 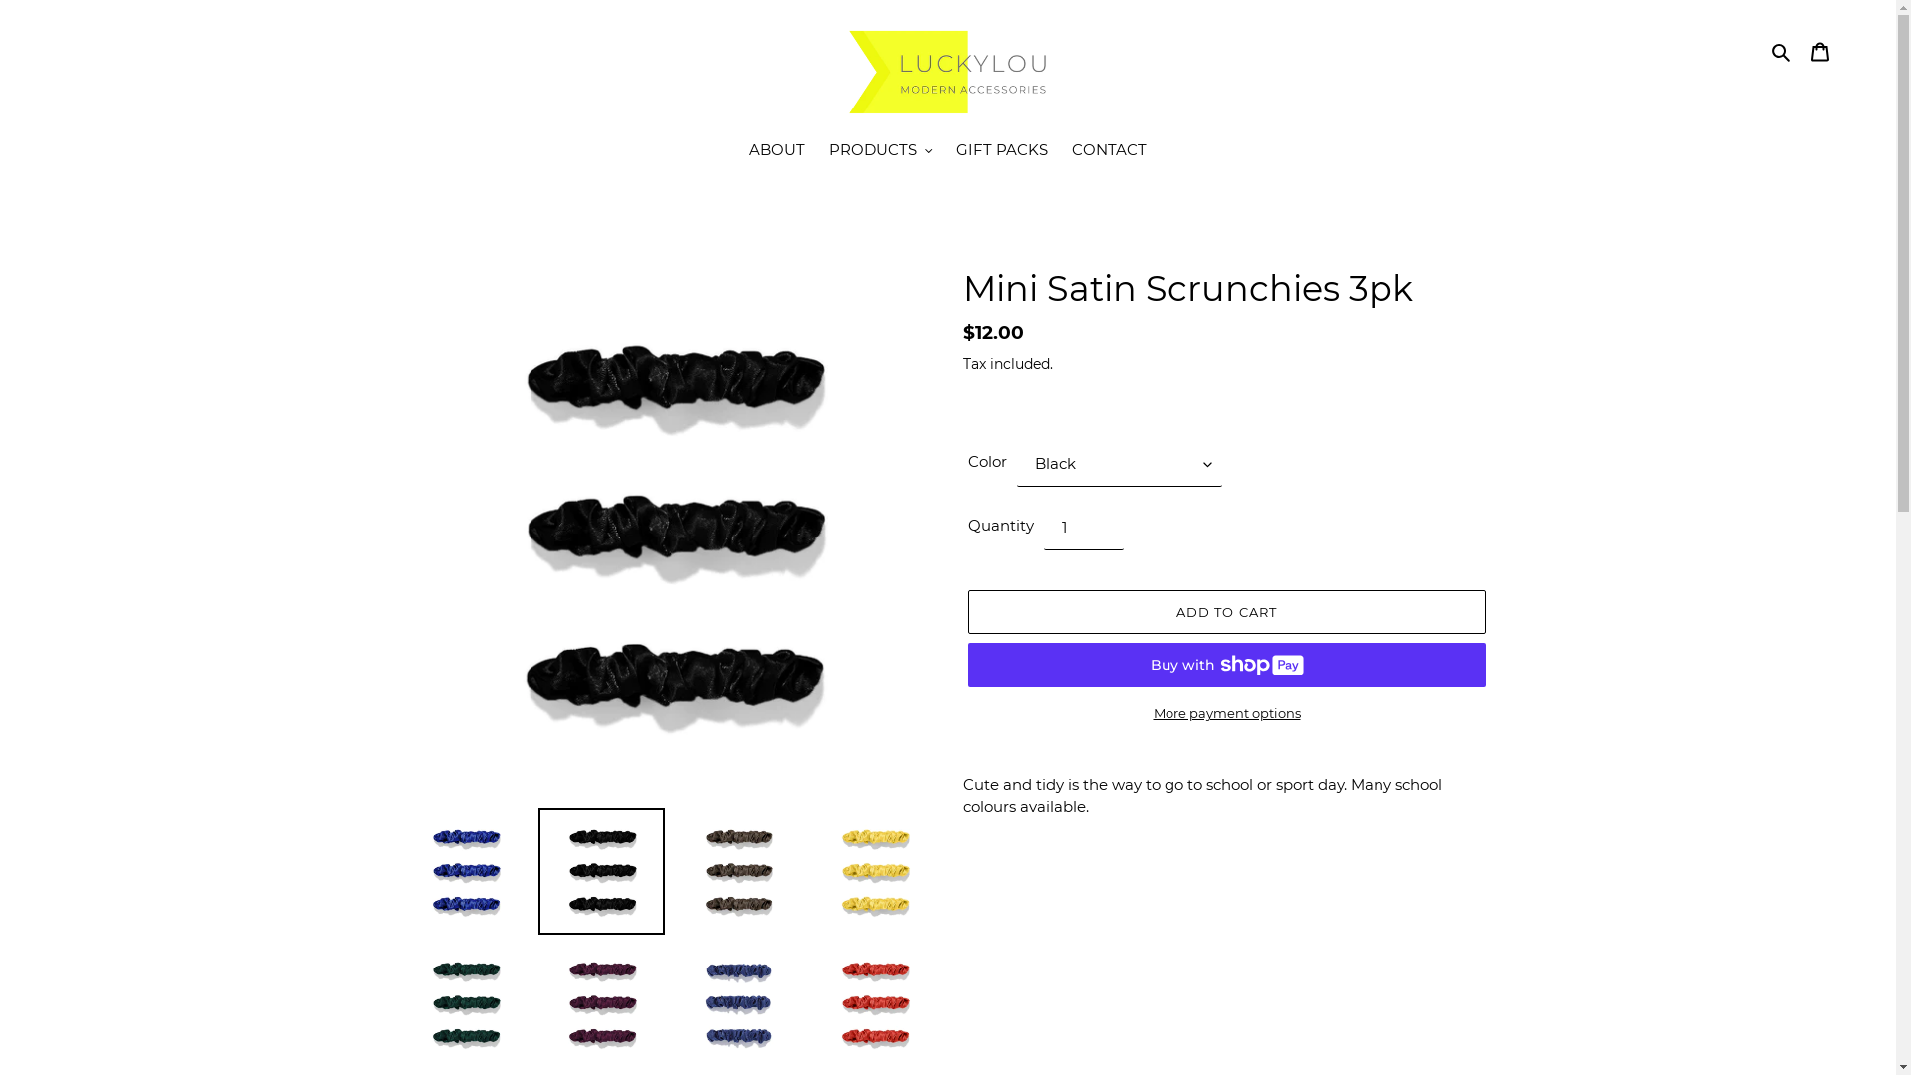 What do you see at coordinates (1782, 50) in the screenshot?
I see `'Search'` at bounding box center [1782, 50].